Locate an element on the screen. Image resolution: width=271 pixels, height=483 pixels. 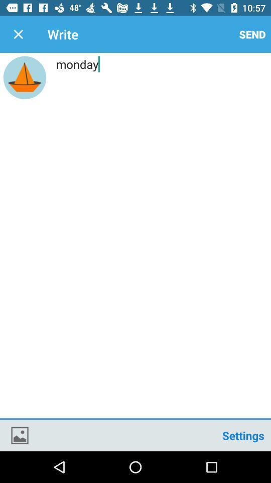
settings is located at coordinates (242, 435).